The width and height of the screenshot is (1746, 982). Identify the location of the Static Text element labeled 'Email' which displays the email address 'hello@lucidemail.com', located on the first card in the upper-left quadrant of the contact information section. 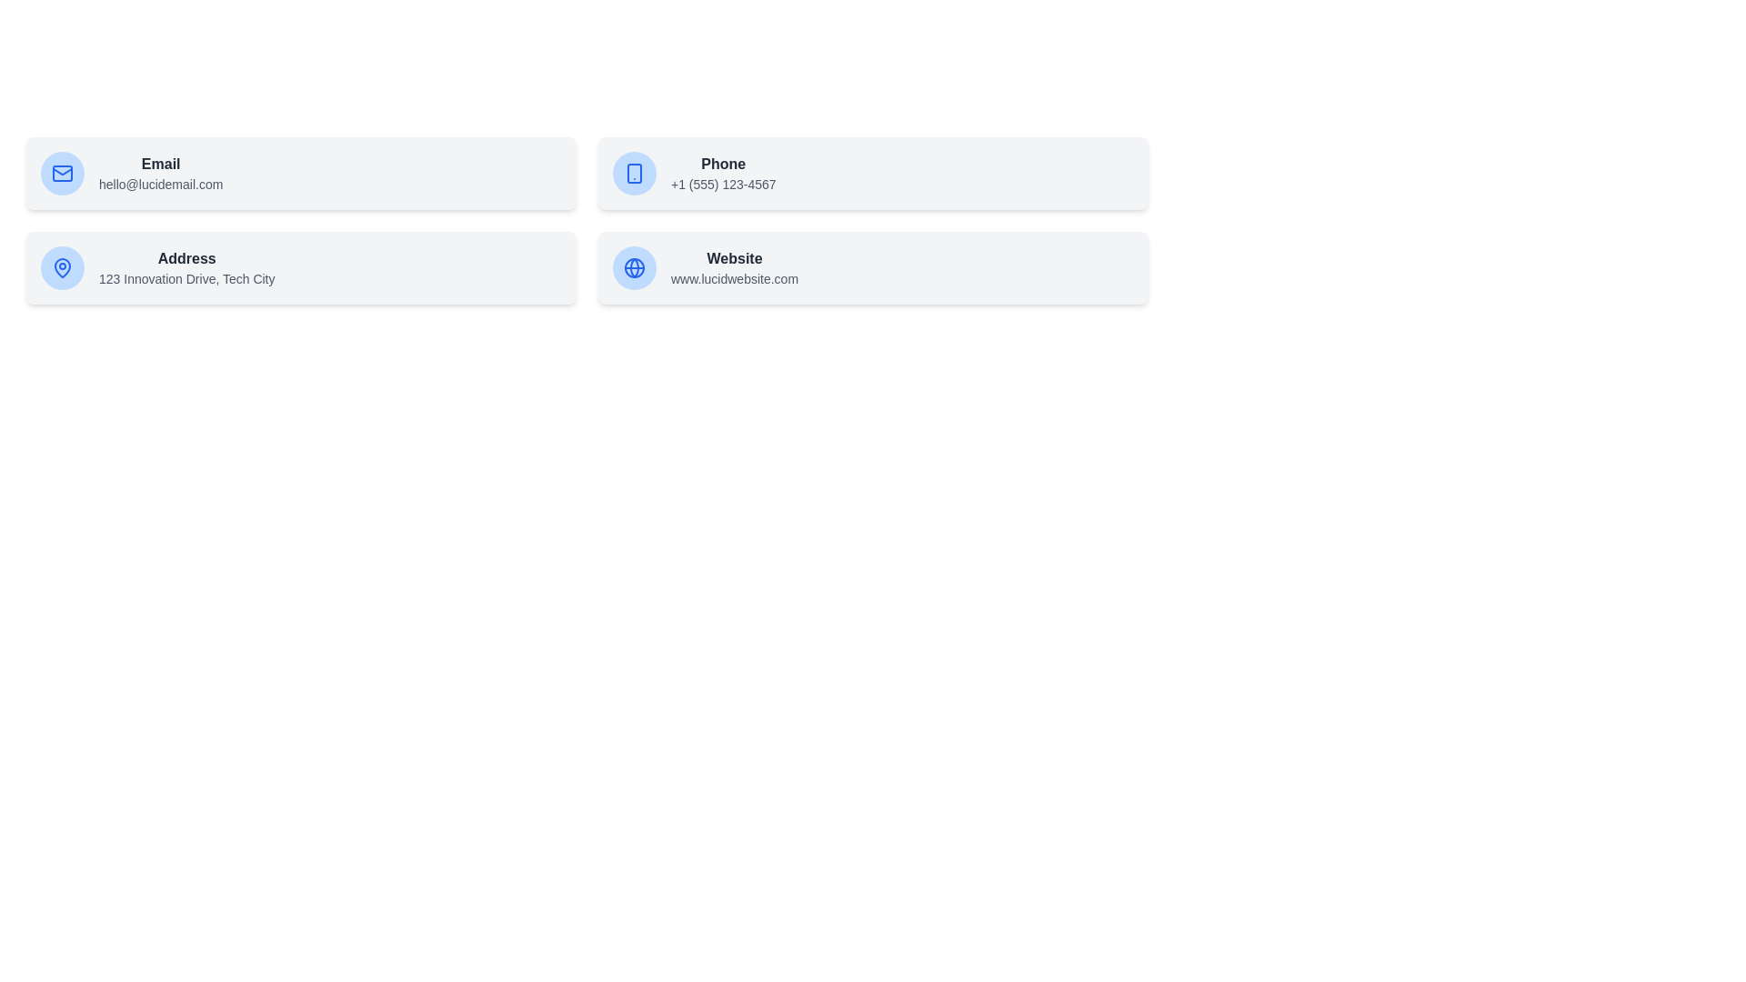
(161, 174).